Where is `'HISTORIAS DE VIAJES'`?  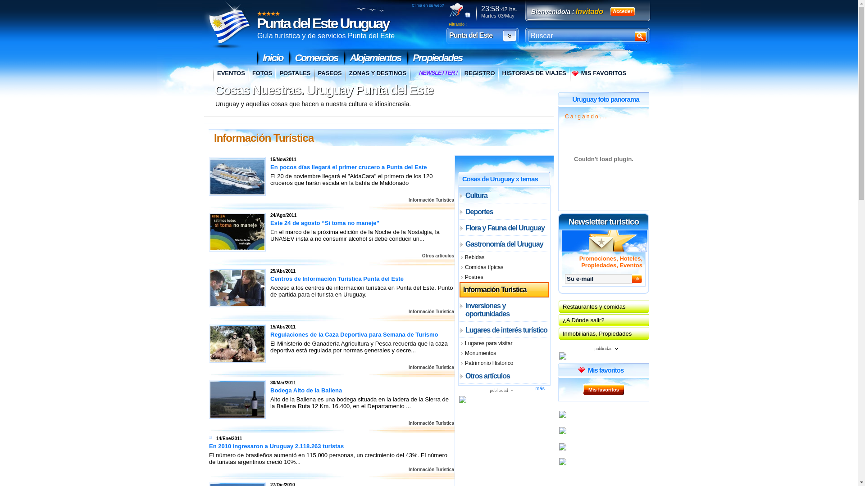
'HISTORIAS DE VIAJES' is located at coordinates (534, 74).